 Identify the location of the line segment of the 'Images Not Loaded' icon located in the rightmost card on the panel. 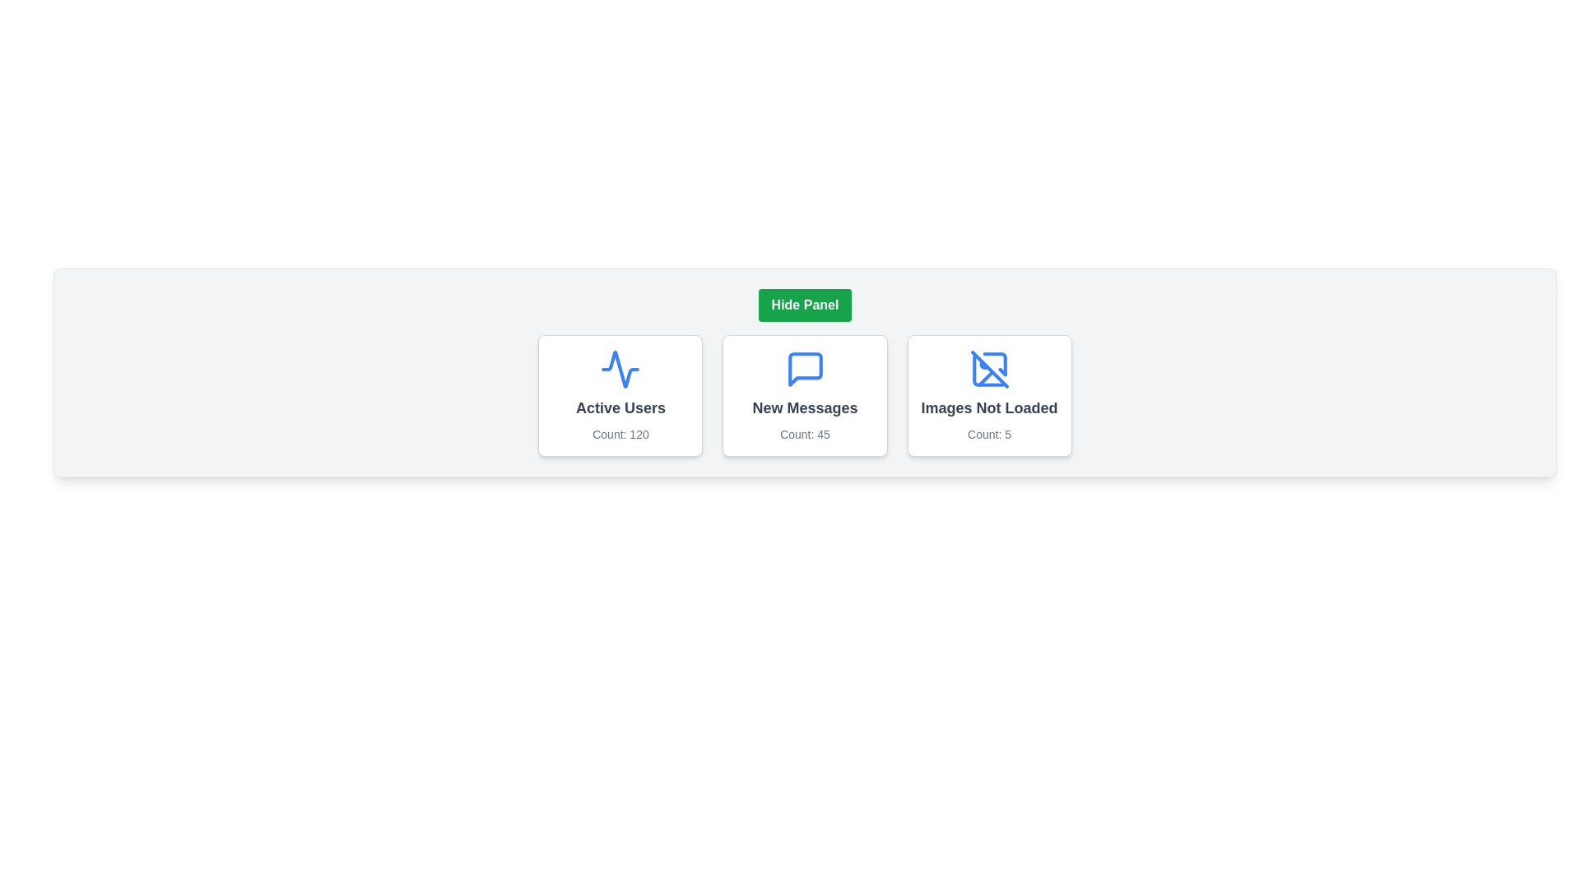
(985, 378).